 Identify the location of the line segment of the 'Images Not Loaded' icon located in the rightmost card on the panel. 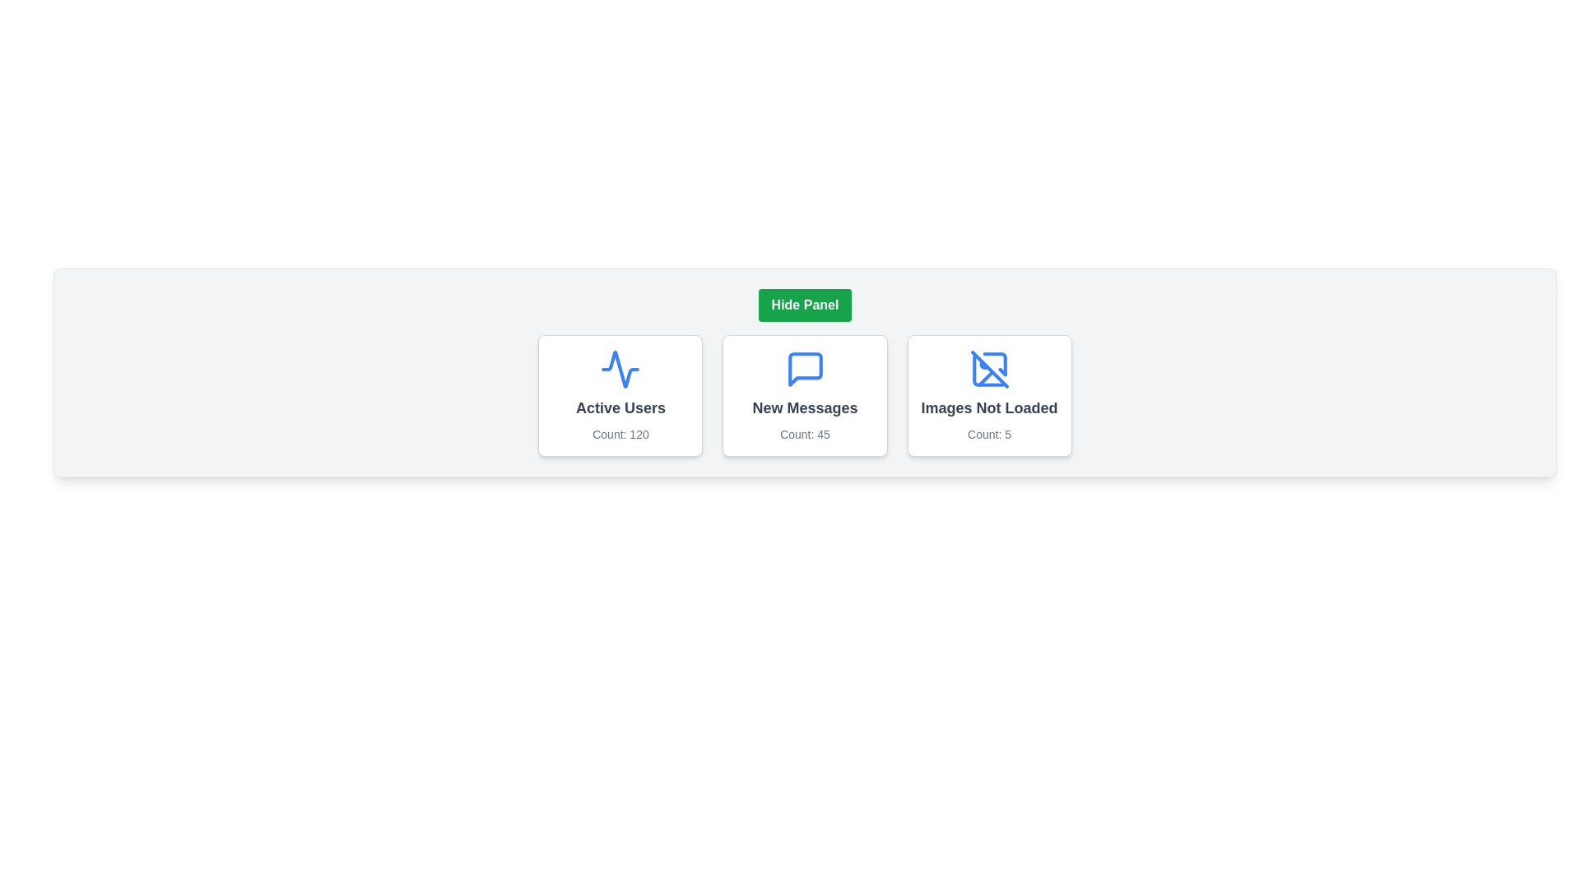
(985, 378).